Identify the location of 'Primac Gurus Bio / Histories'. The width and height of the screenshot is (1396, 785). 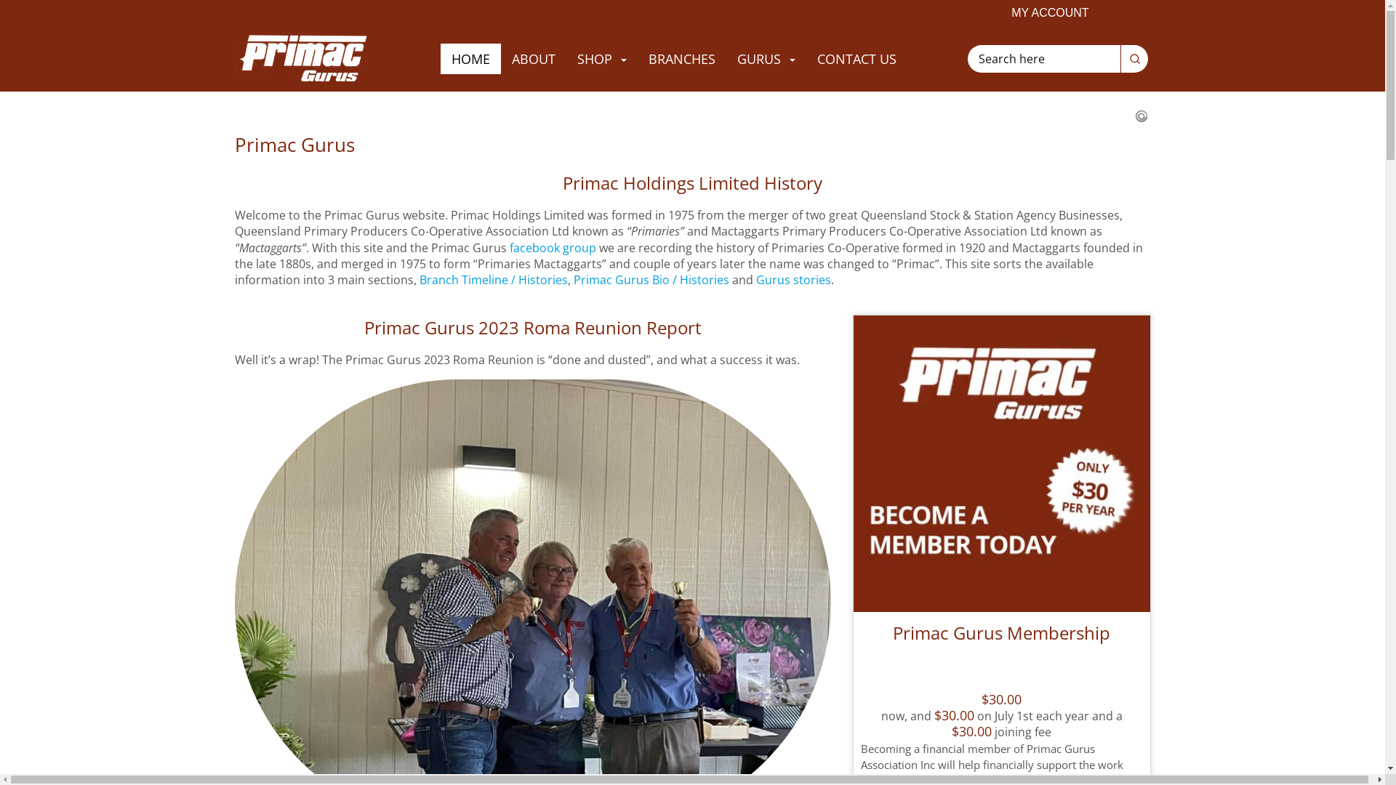
(571, 280).